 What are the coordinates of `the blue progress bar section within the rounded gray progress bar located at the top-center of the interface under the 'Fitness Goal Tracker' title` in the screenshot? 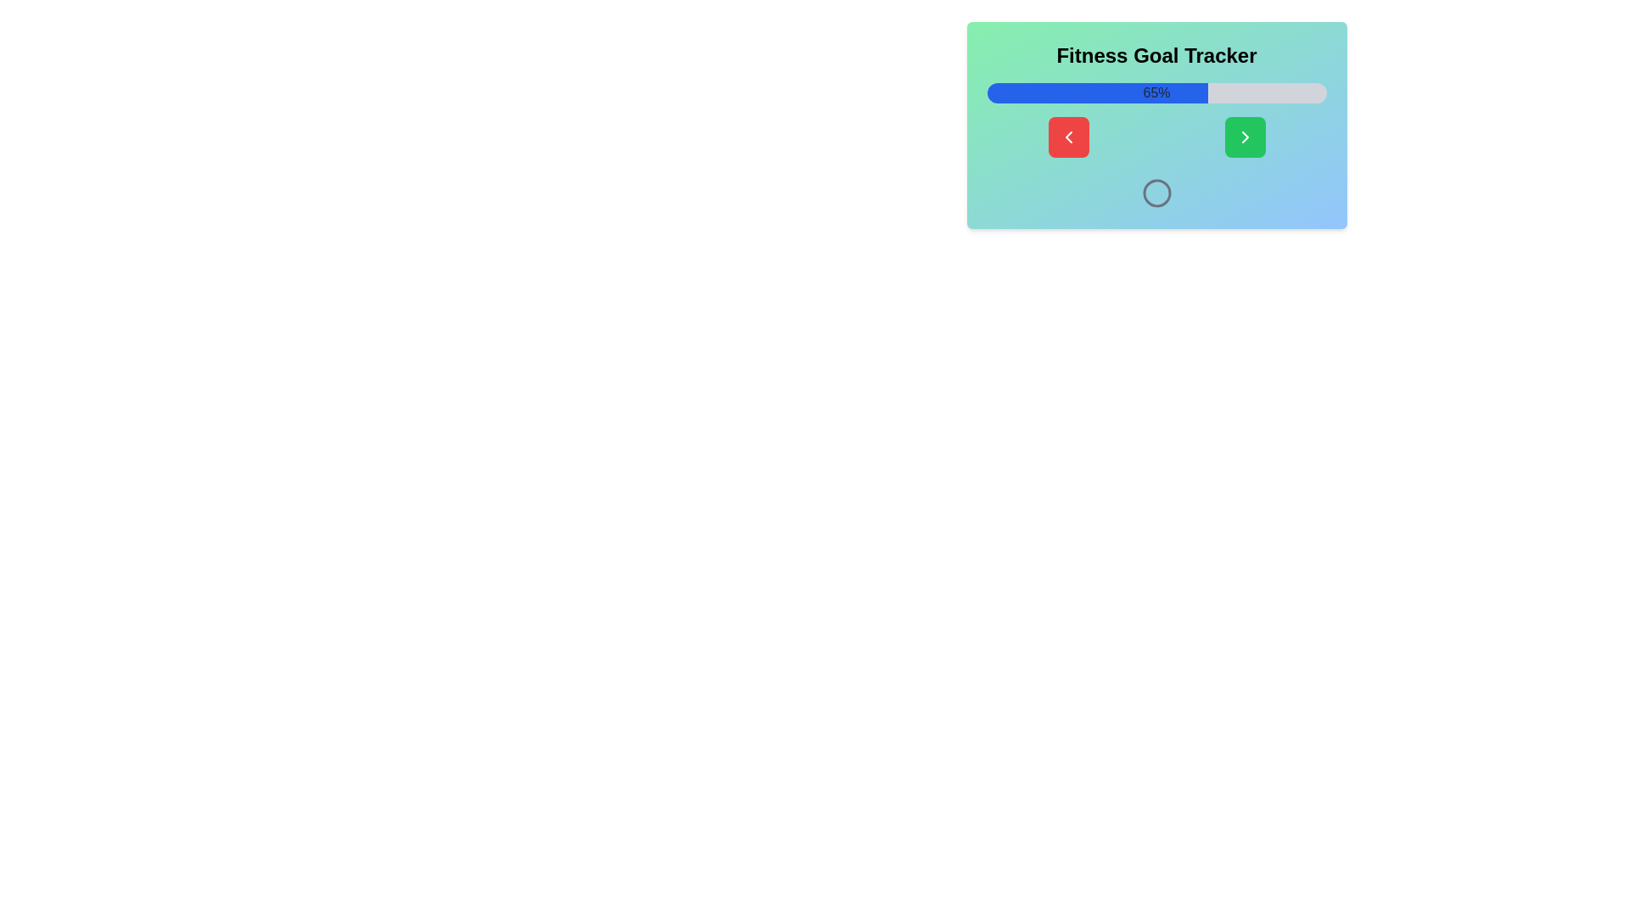 It's located at (1097, 93).